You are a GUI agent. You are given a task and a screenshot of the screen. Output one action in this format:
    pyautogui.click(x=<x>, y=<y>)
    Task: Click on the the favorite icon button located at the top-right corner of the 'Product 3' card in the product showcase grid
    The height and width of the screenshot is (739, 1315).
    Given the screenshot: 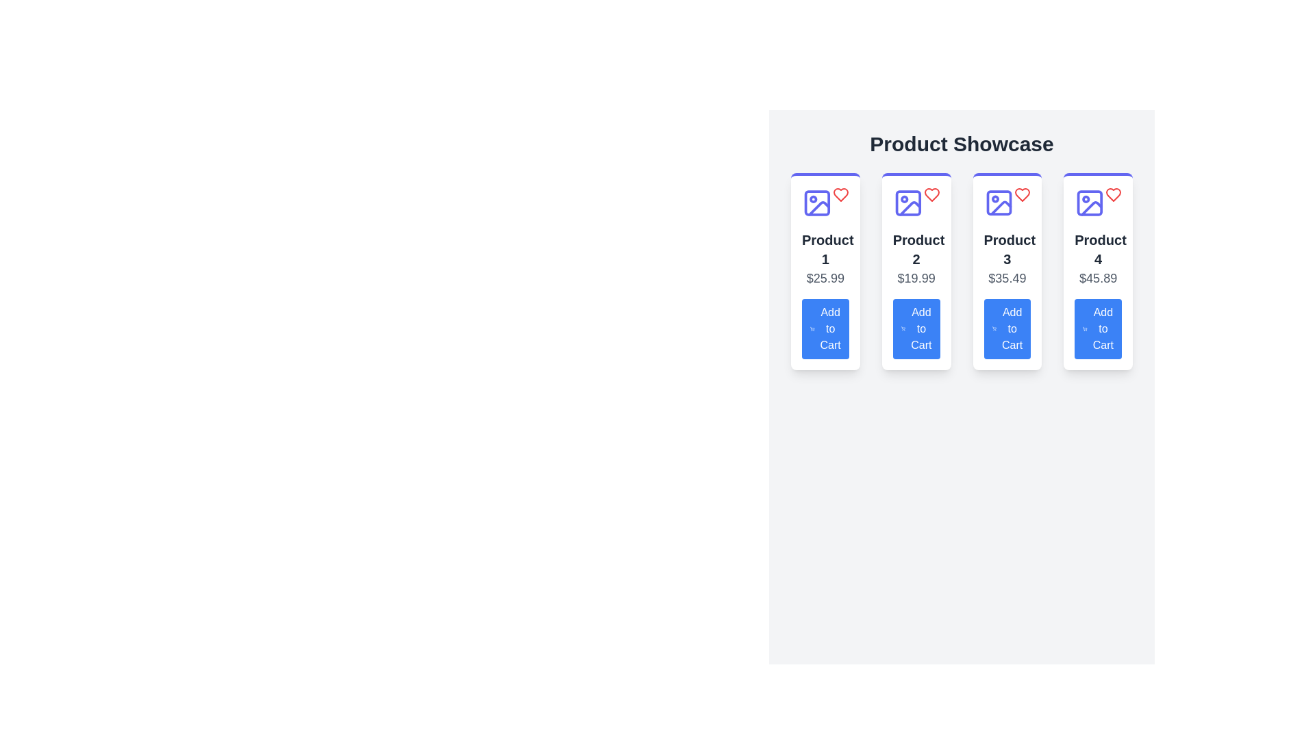 What is the action you would take?
    pyautogui.click(x=1023, y=195)
    